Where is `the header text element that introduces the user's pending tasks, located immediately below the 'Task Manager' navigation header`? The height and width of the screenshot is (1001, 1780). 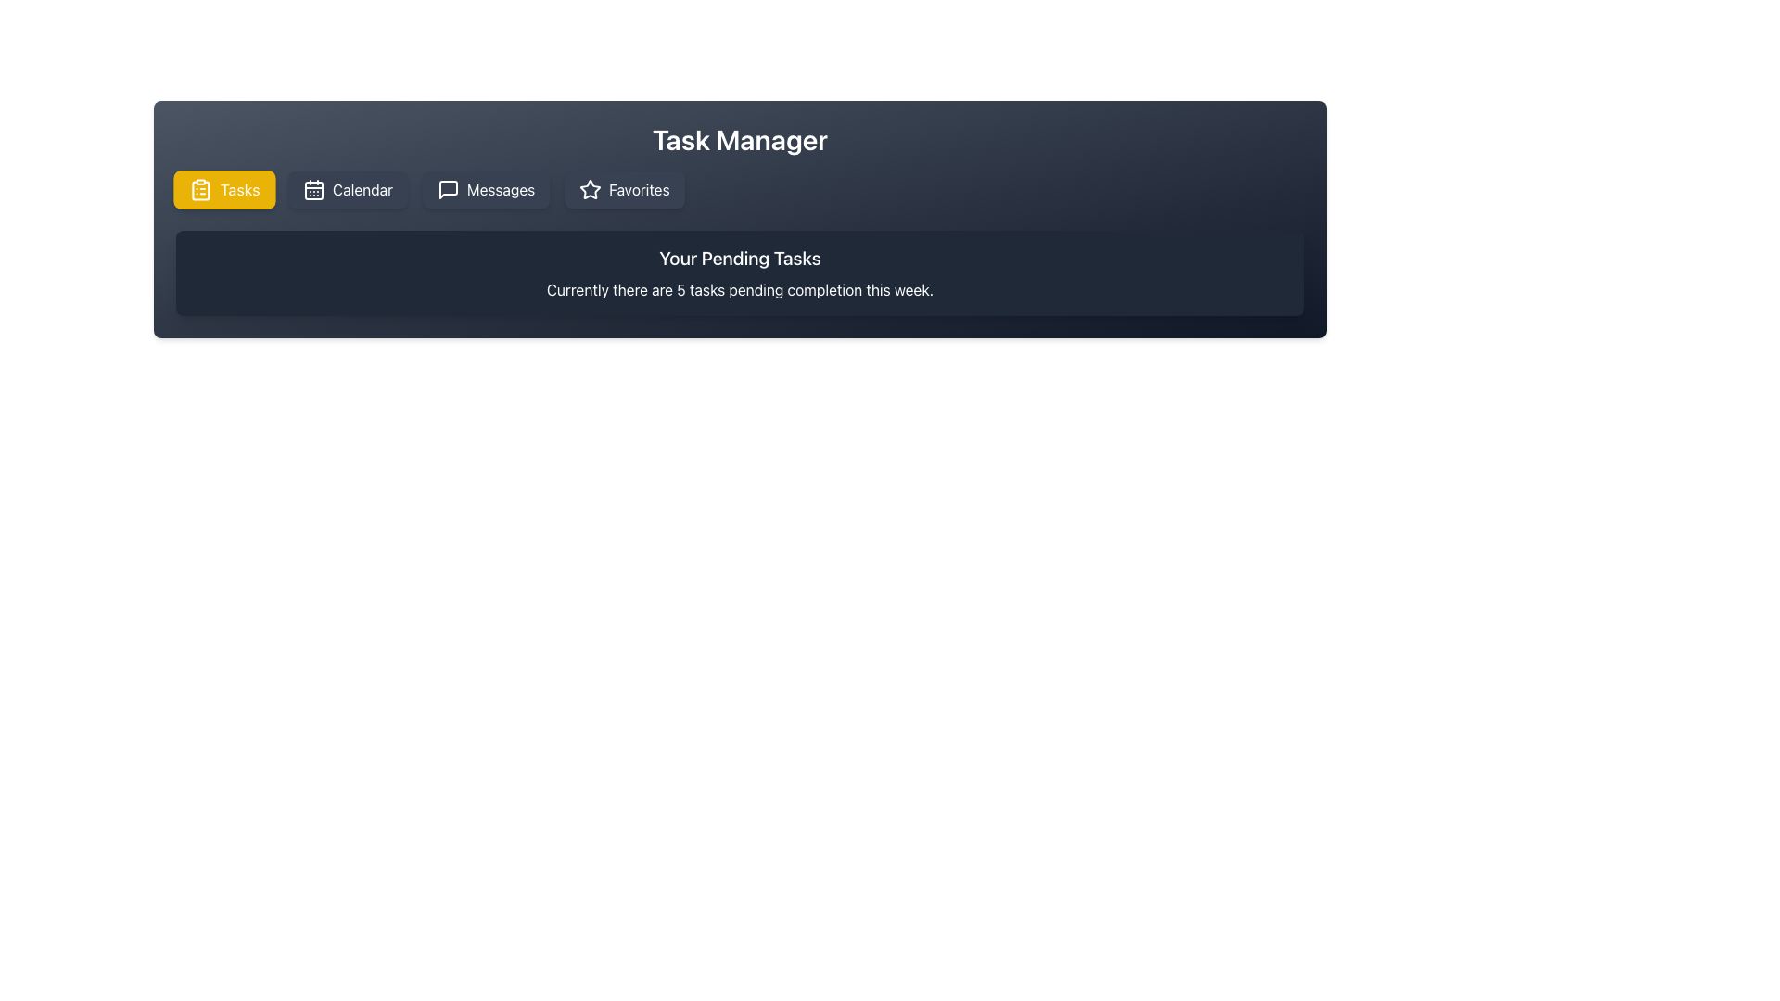 the header text element that introduces the user's pending tasks, located immediately below the 'Task Manager' navigation header is located at coordinates (739, 258).